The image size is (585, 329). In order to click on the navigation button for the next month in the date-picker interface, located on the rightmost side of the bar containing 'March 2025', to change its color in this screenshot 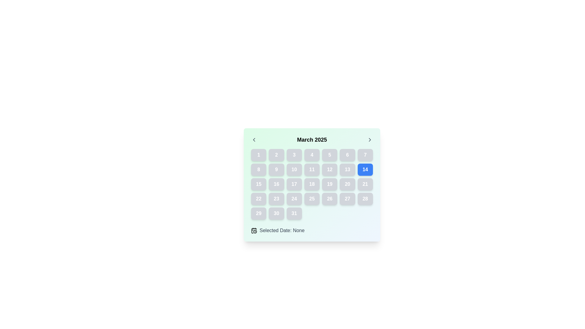, I will do `click(370, 140)`.